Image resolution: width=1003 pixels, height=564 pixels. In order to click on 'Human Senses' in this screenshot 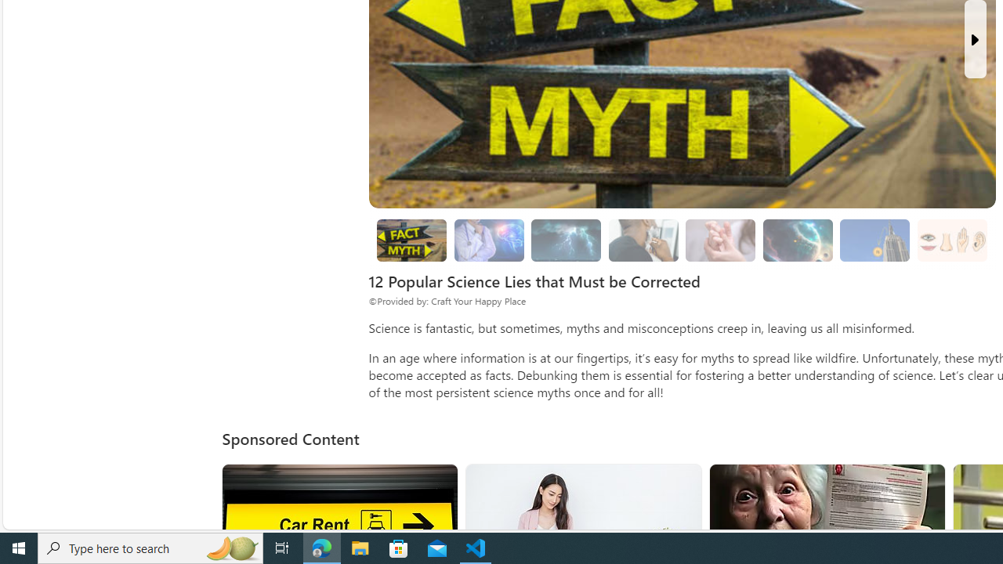, I will do `click(950, 240)`.